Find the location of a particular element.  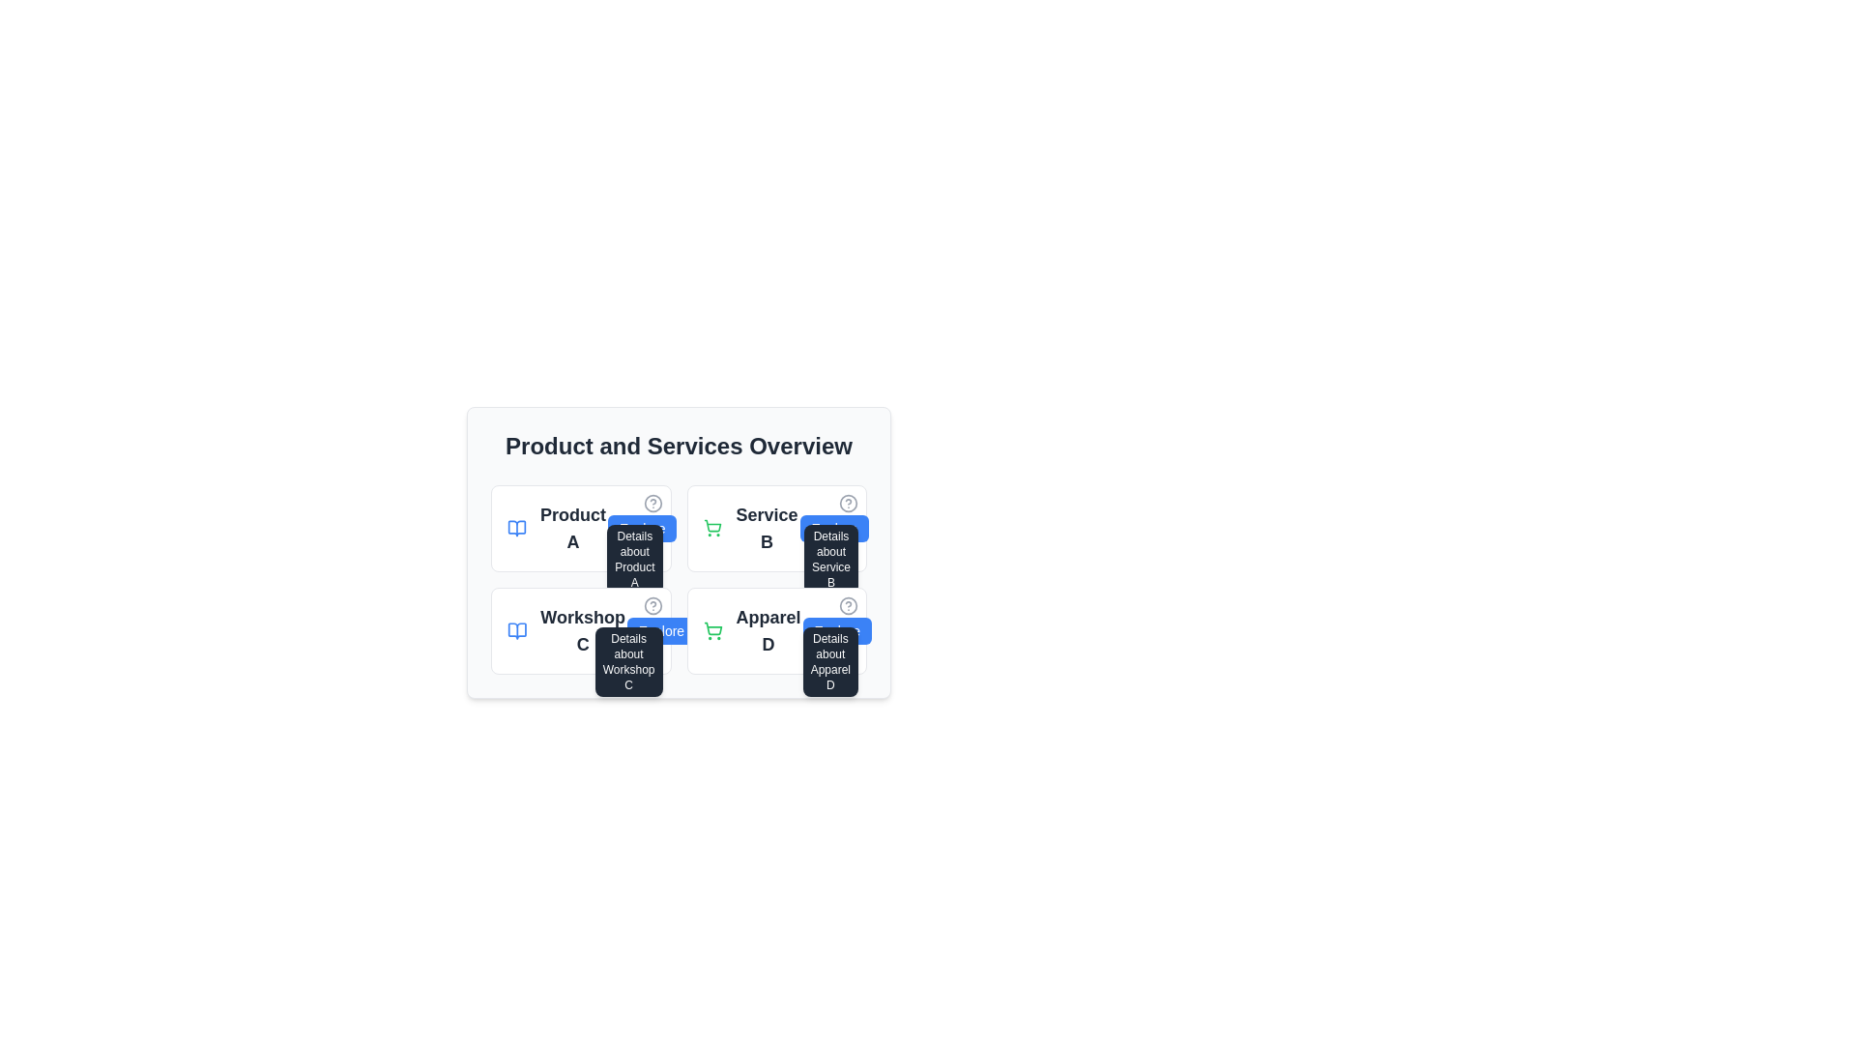

the shopping cart icon located to the left of the text 'Apparel D' is located at coordinates (711, 630).